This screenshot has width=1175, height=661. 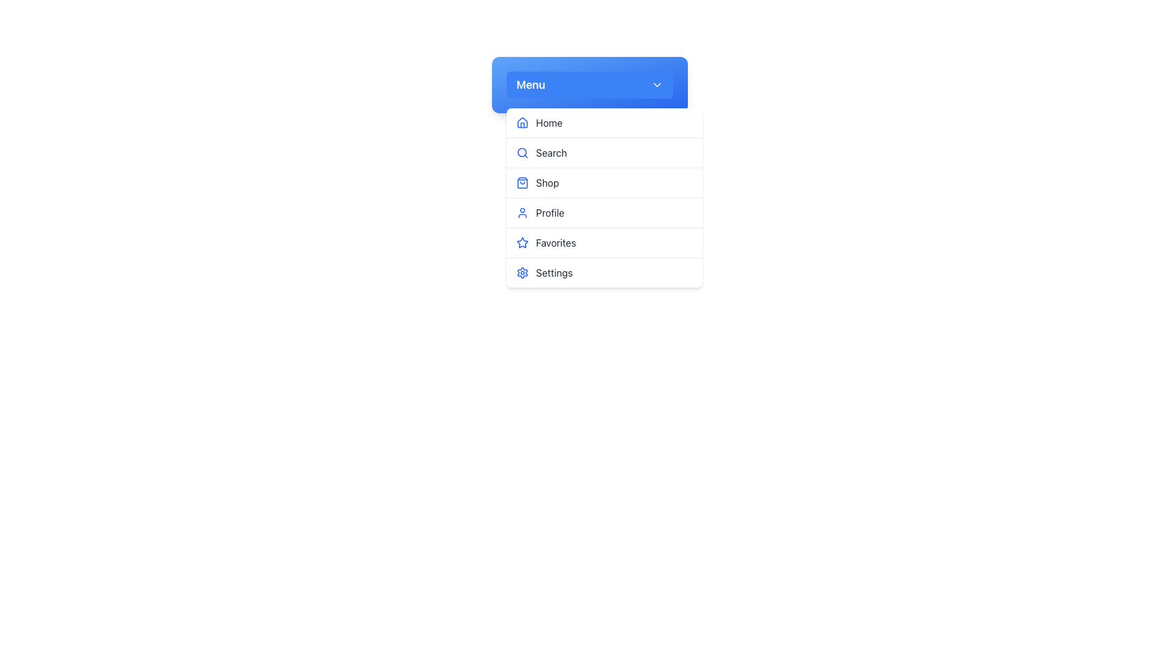 What do you see at coordinates (522, 152) in the screenshot?
I see `the blue stroke circular component of the search icon located in the second row of the menu list labeled 'Search'` at bounding box center [522, 152].